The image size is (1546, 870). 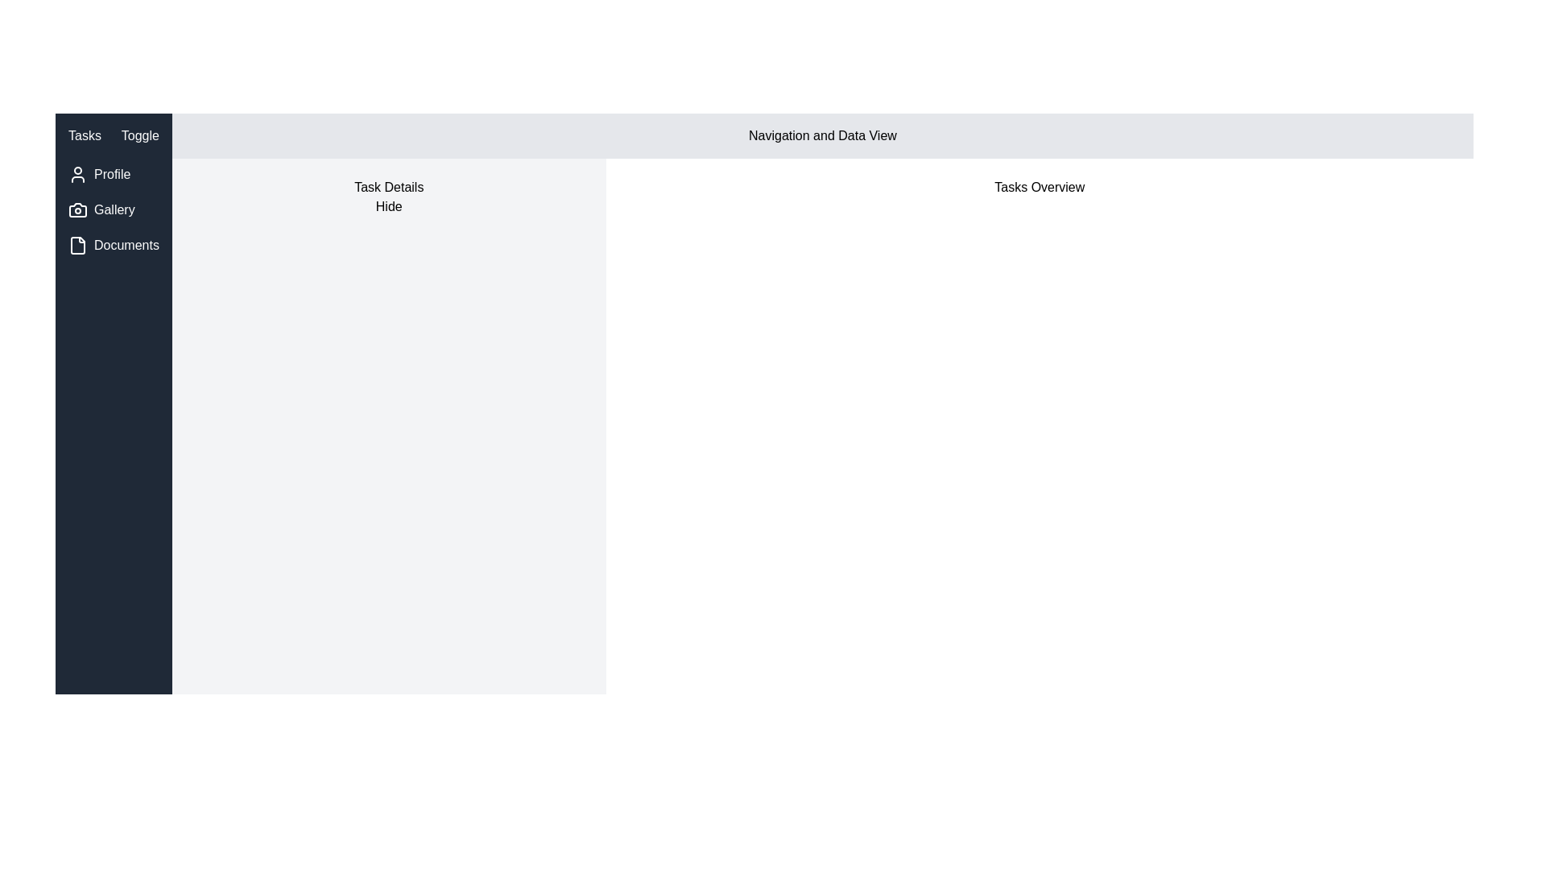 What do you see at coordinates (389, 206) in the screenshot?
I see `the 'Hide' button located next to the 'Task Details' title in the top-left quadrant of the main content area for keyboard interactions` at bounding box center [389, 206].